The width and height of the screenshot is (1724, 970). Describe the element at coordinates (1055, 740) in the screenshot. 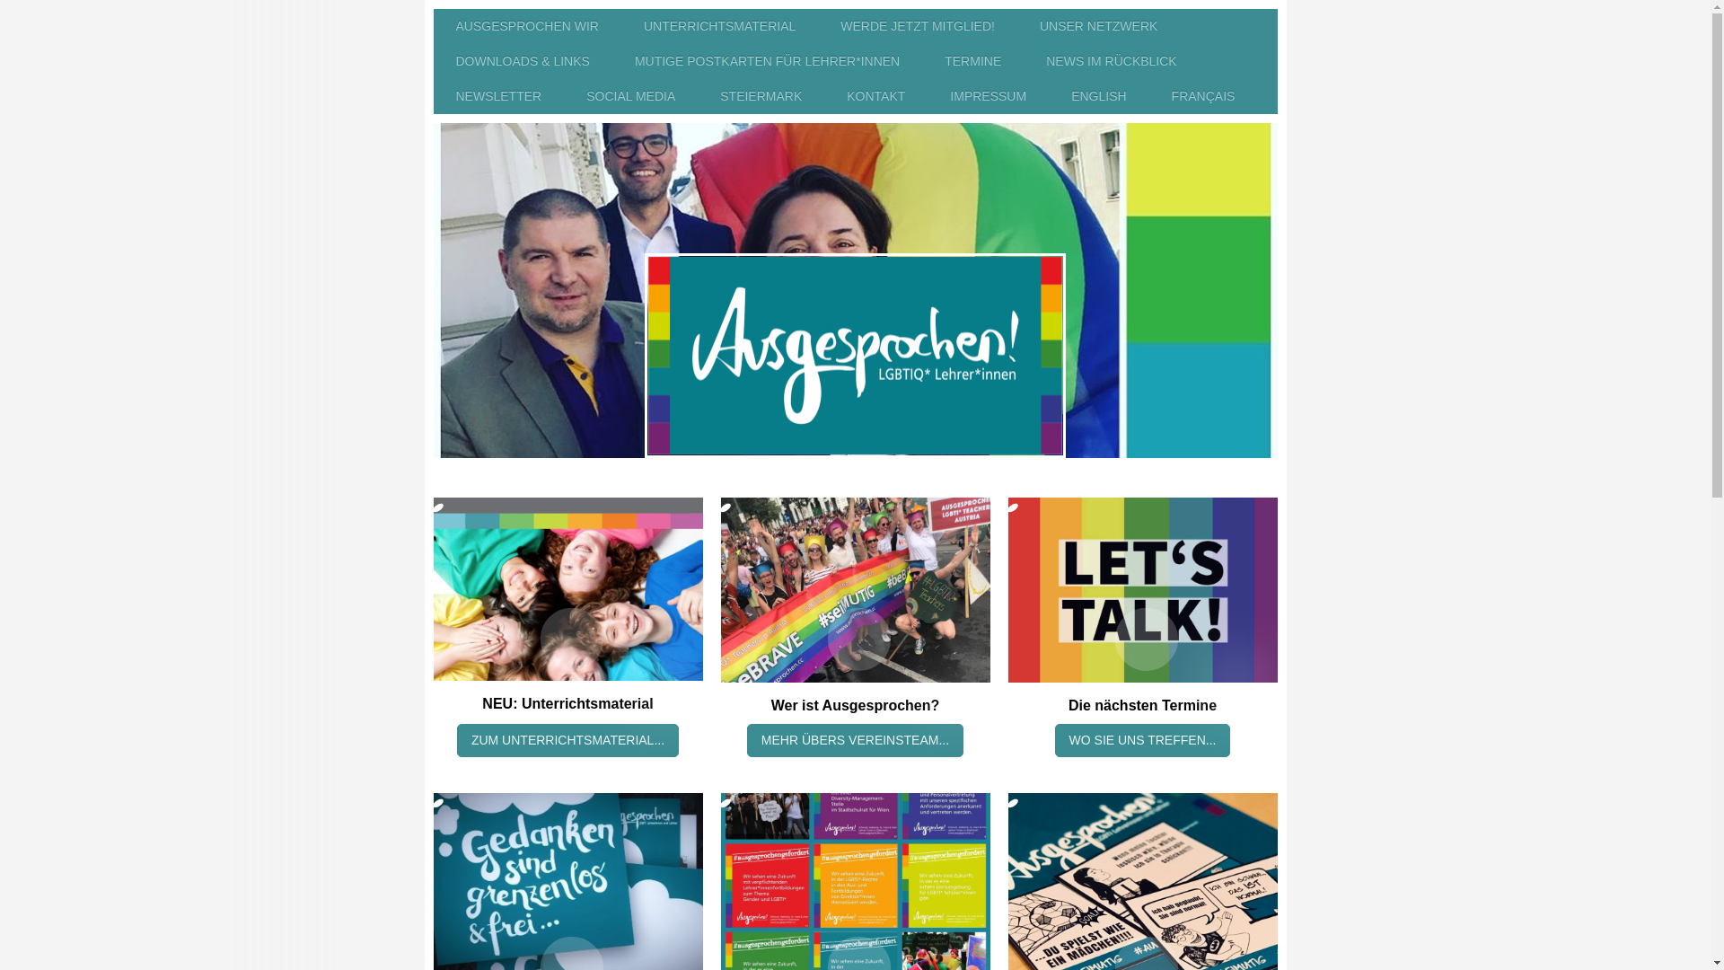

I see `'WO SIE UNS TREFFEN...'` at that location.